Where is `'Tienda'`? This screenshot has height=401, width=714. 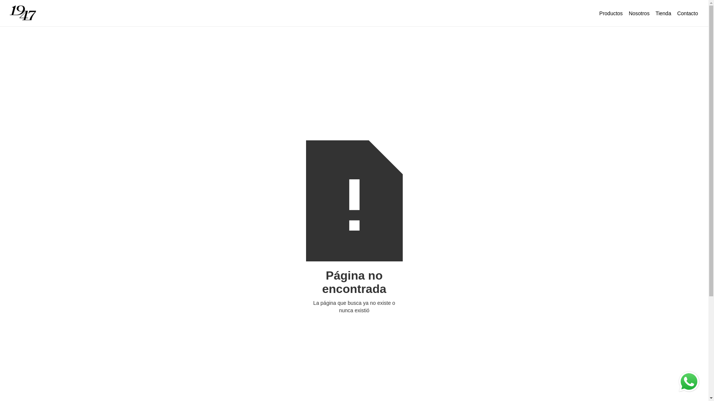
'Tienda' is located at coordinates (663, 13).